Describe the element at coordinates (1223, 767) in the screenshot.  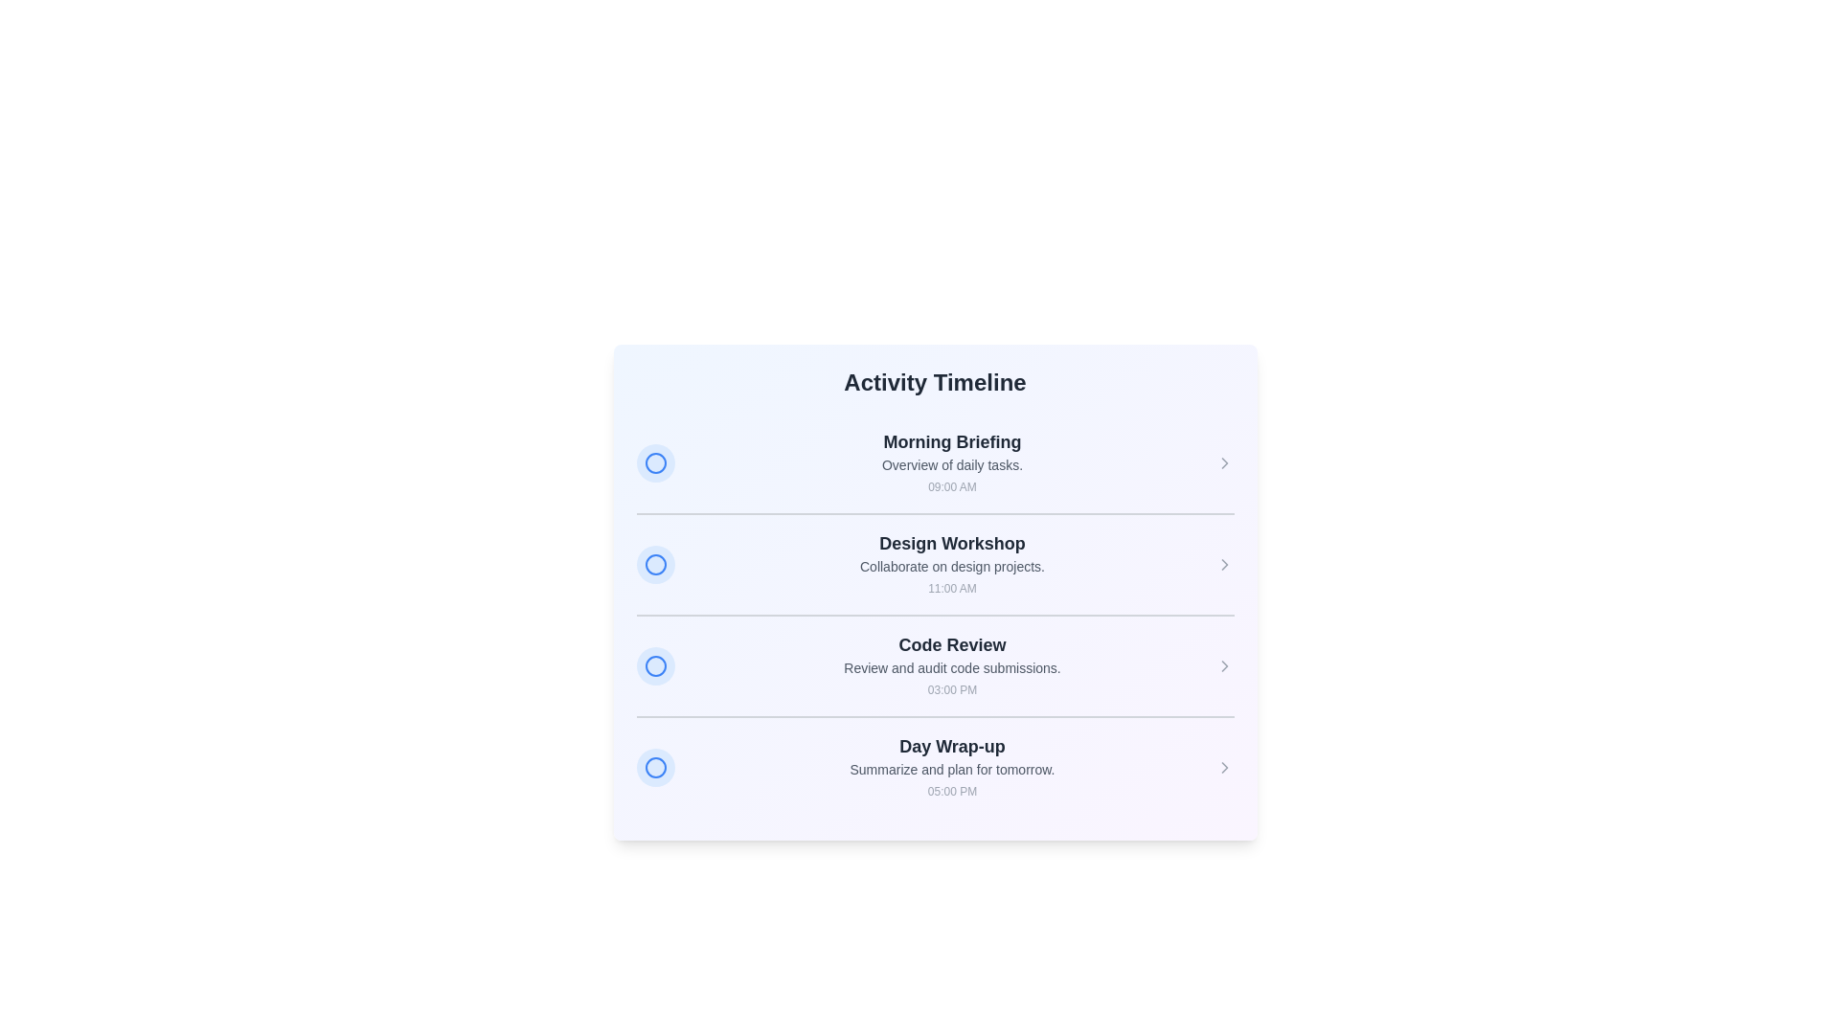
I see `the chevron icon located in the fourth row labeled 'Day Wrap-up'` at that location.